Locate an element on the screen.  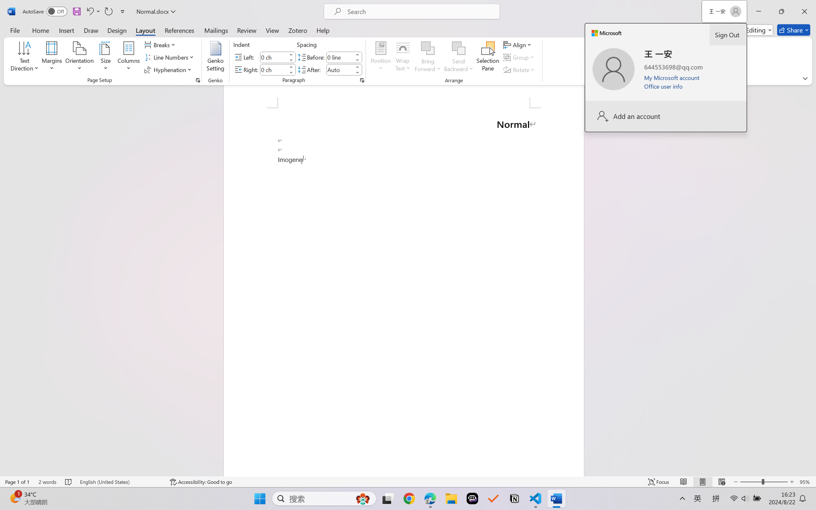
'More' is located at coordinates (357, 67).